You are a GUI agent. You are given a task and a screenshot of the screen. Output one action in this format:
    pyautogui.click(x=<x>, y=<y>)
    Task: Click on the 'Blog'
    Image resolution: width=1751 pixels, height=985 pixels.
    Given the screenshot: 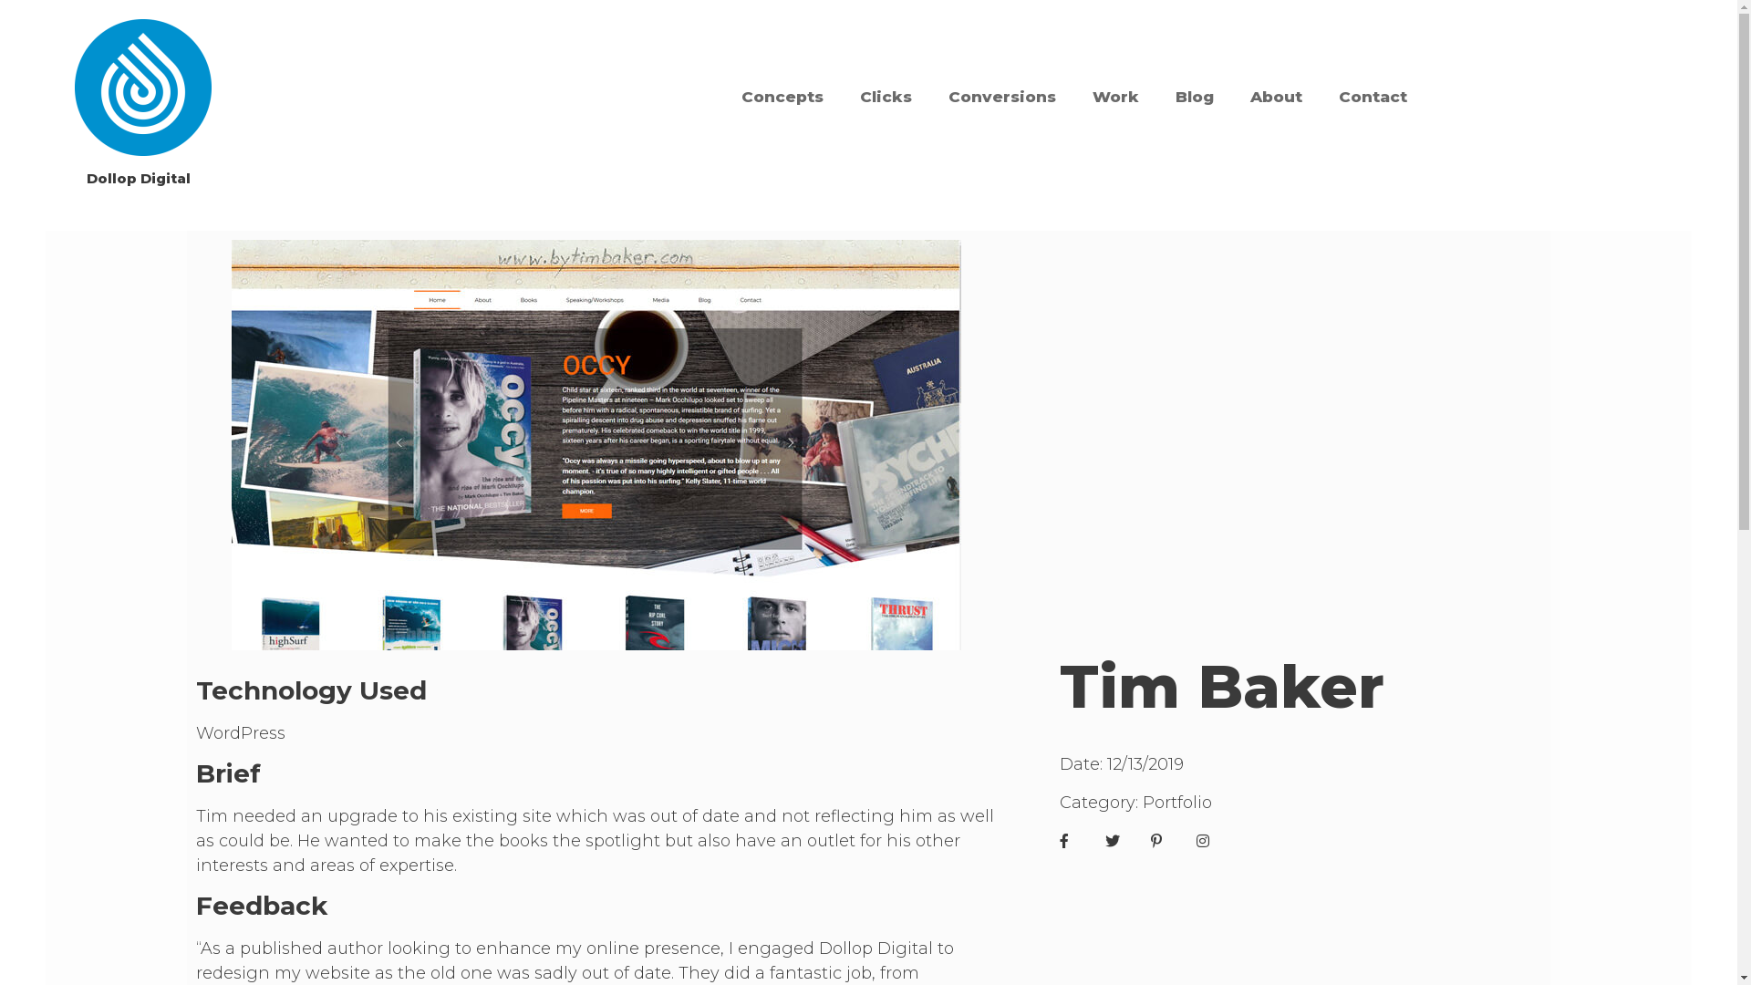 What is the action you would take?
    pyautogui.click(x=1195, y=97)
    